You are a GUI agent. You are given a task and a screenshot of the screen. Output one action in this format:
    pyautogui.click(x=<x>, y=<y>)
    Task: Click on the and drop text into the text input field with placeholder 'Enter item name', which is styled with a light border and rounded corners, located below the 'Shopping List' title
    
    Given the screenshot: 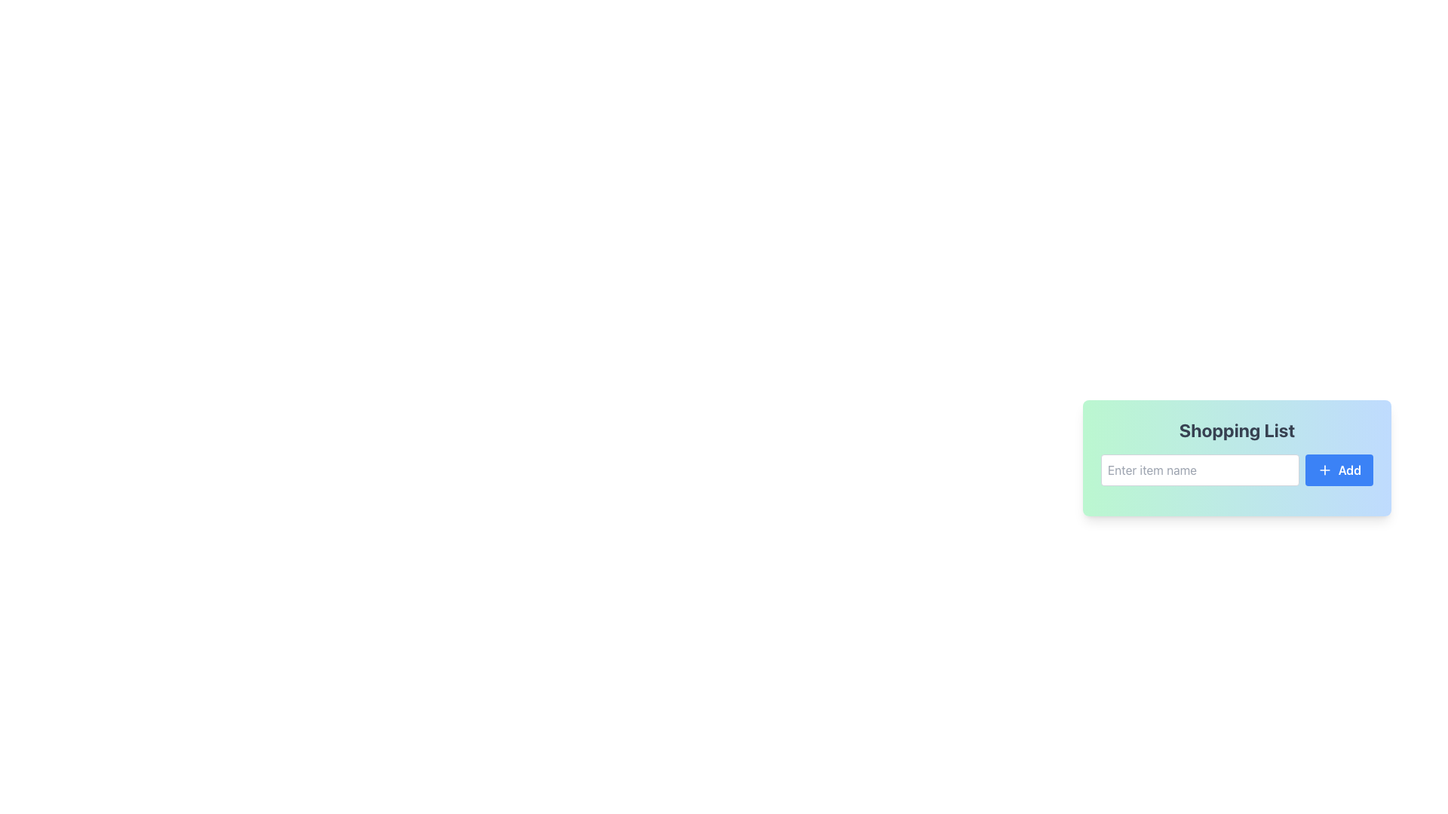 What is the action you would take?
    pyautogui.click(x=1237, y=470)
    